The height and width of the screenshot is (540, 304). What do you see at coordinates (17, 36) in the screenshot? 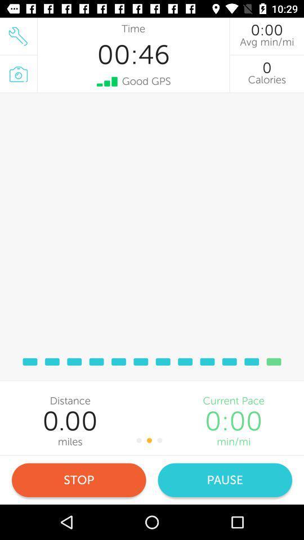
I see `the build icon` at bounding box center [17, 36].